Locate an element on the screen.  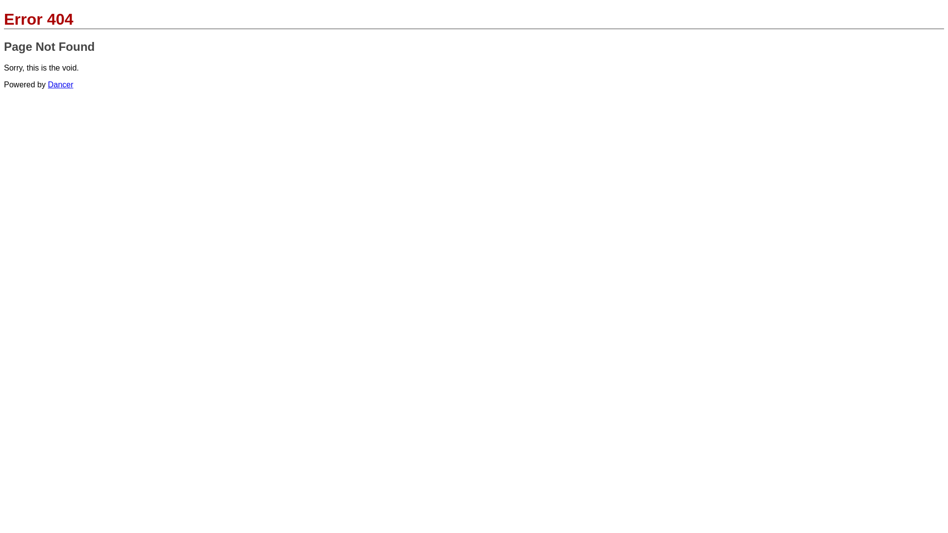
'Dancer' is located at coordinates (60, 84).